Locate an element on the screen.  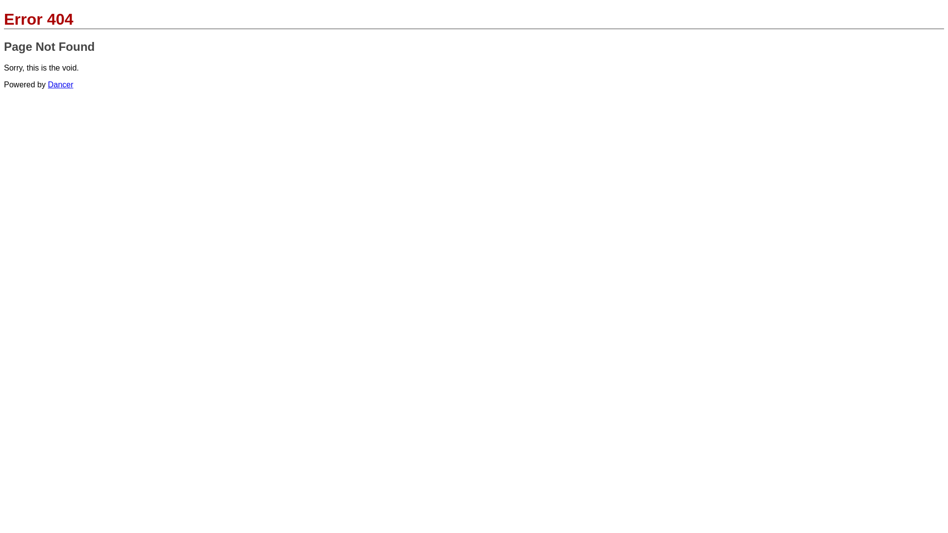
'Dancer' is located at coordinates (60, 84).